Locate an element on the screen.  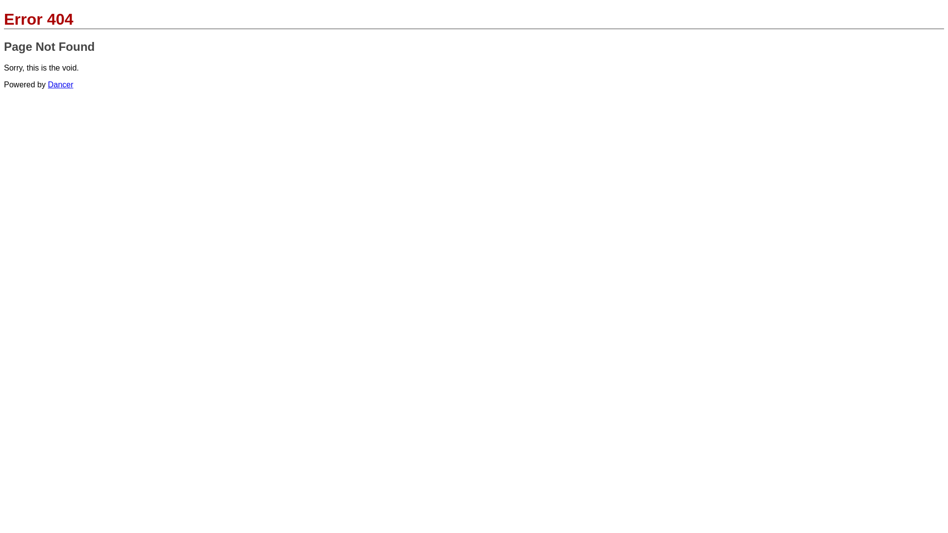
'Dancer' is located at coordinates (60, 84).